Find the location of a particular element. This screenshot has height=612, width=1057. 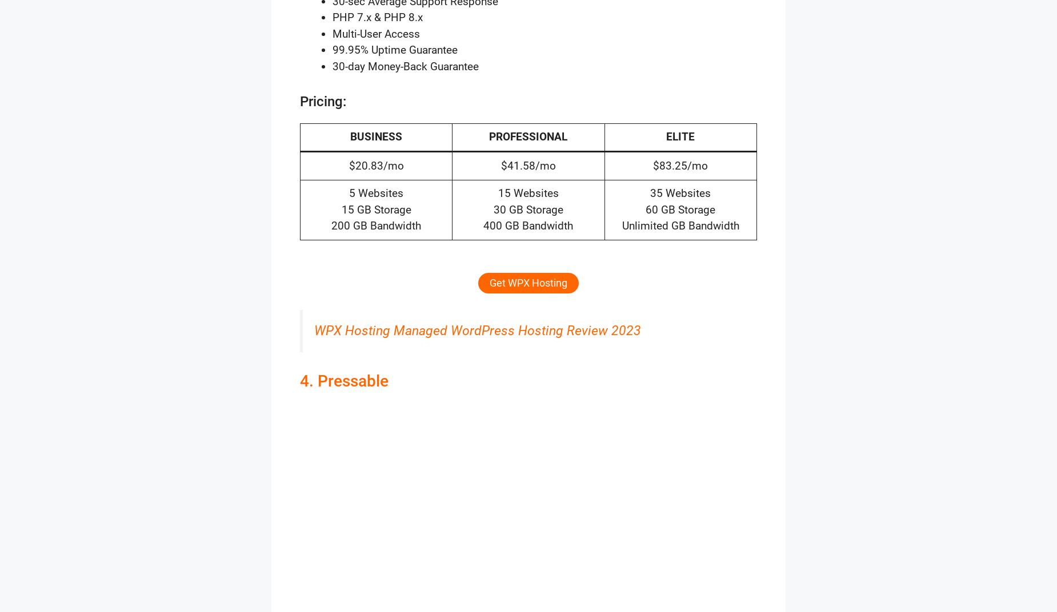

'4. Pressable' is located at coordinates (344, 381).